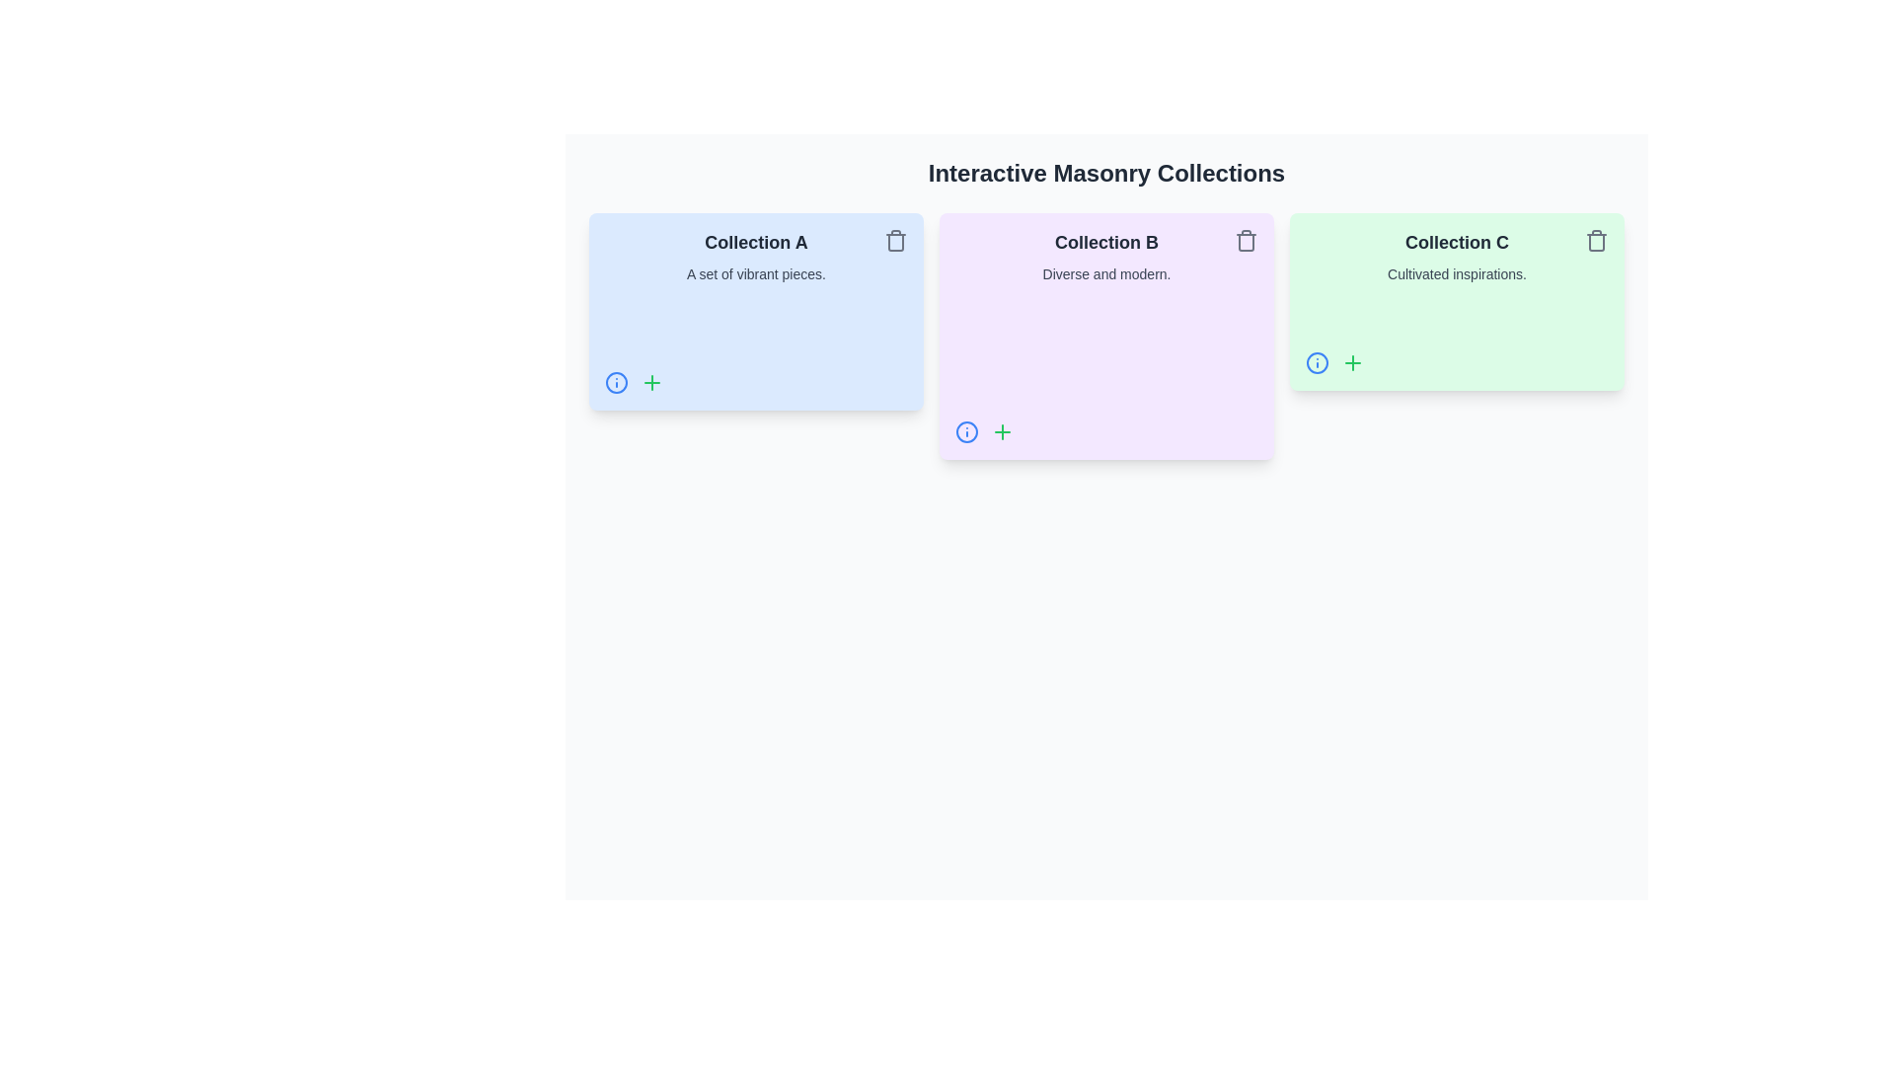 The width and height of the screenshot is (1895, 1066). Describe the element at coordinates (1245, 239) in the screenshot. I see `the trash icon button located in the top-right corner of the purple card labeled 'Collection B' to observe the color change` at that location.